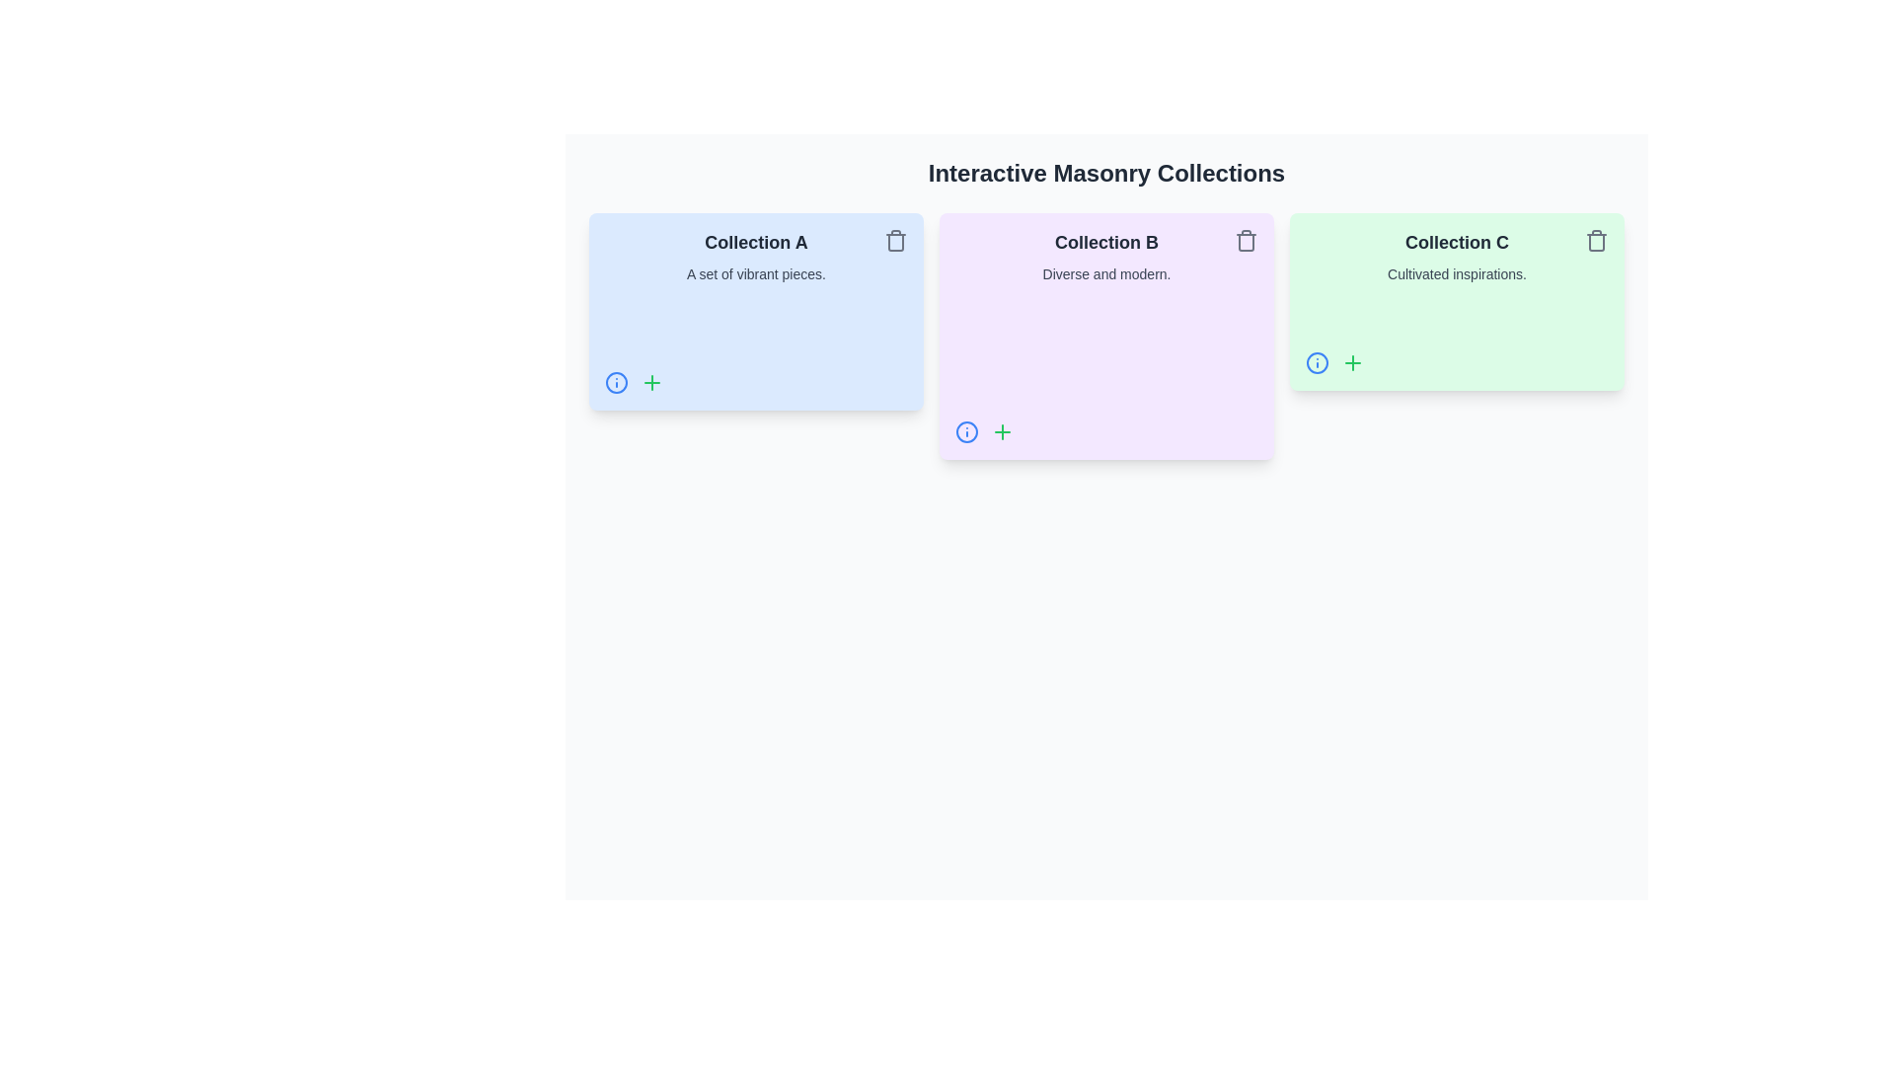 The width and height of the screenshot is (1895, 1066). Describe the element at coordinates (1245, 239) in the screenshot. I see `the trash icon button located in the top-right corner of the purple card labeled 'Collection B' to observe the color change` at that location.